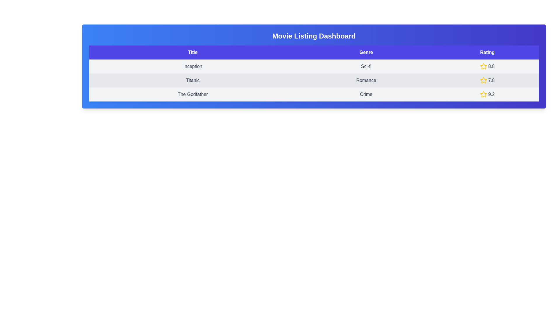 The image size is (560, 315). Describe the element at coordinates (366, 52) in the screenshot. I see `the 'Genre' header label, which is the second item in a row of three headers ('Title', 'Genre', 'Rating'), indicating that the column's data pertains to movie genres` at that location.